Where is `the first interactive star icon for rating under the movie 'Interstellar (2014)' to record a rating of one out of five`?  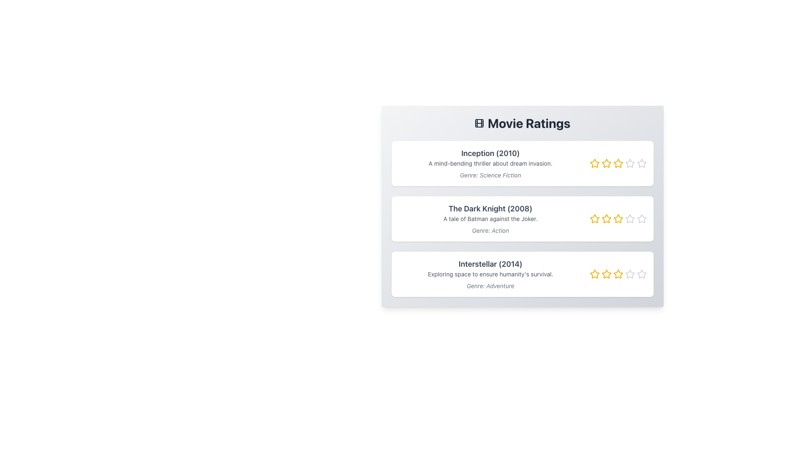
the first interactive star icon for rating under the movie 'Interstellar (2014)' to record a rating of one out of five is located at coordinates (594, 274).